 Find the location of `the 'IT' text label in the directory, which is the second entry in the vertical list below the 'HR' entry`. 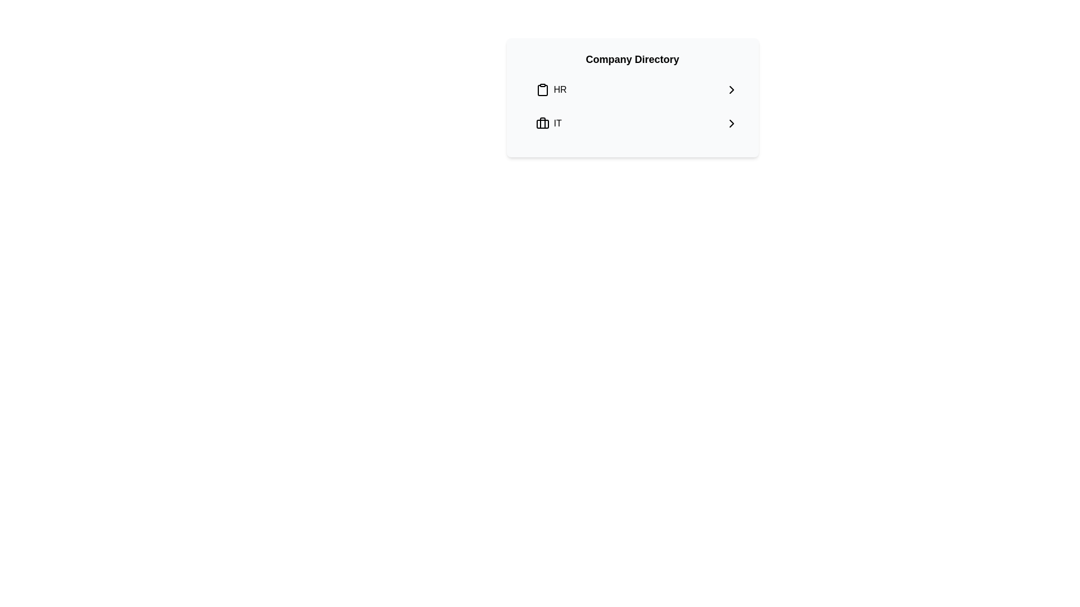

the 'IT' text label in the directory, which is the second entry in the vertical list below the 'HR' entry is located at coordinates (557, 123).